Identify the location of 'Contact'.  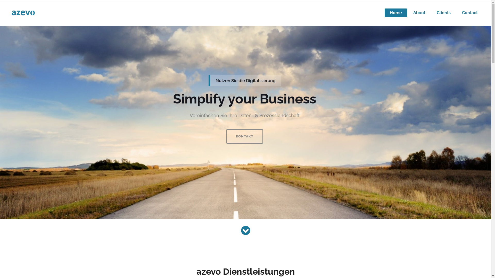
(457, 13).